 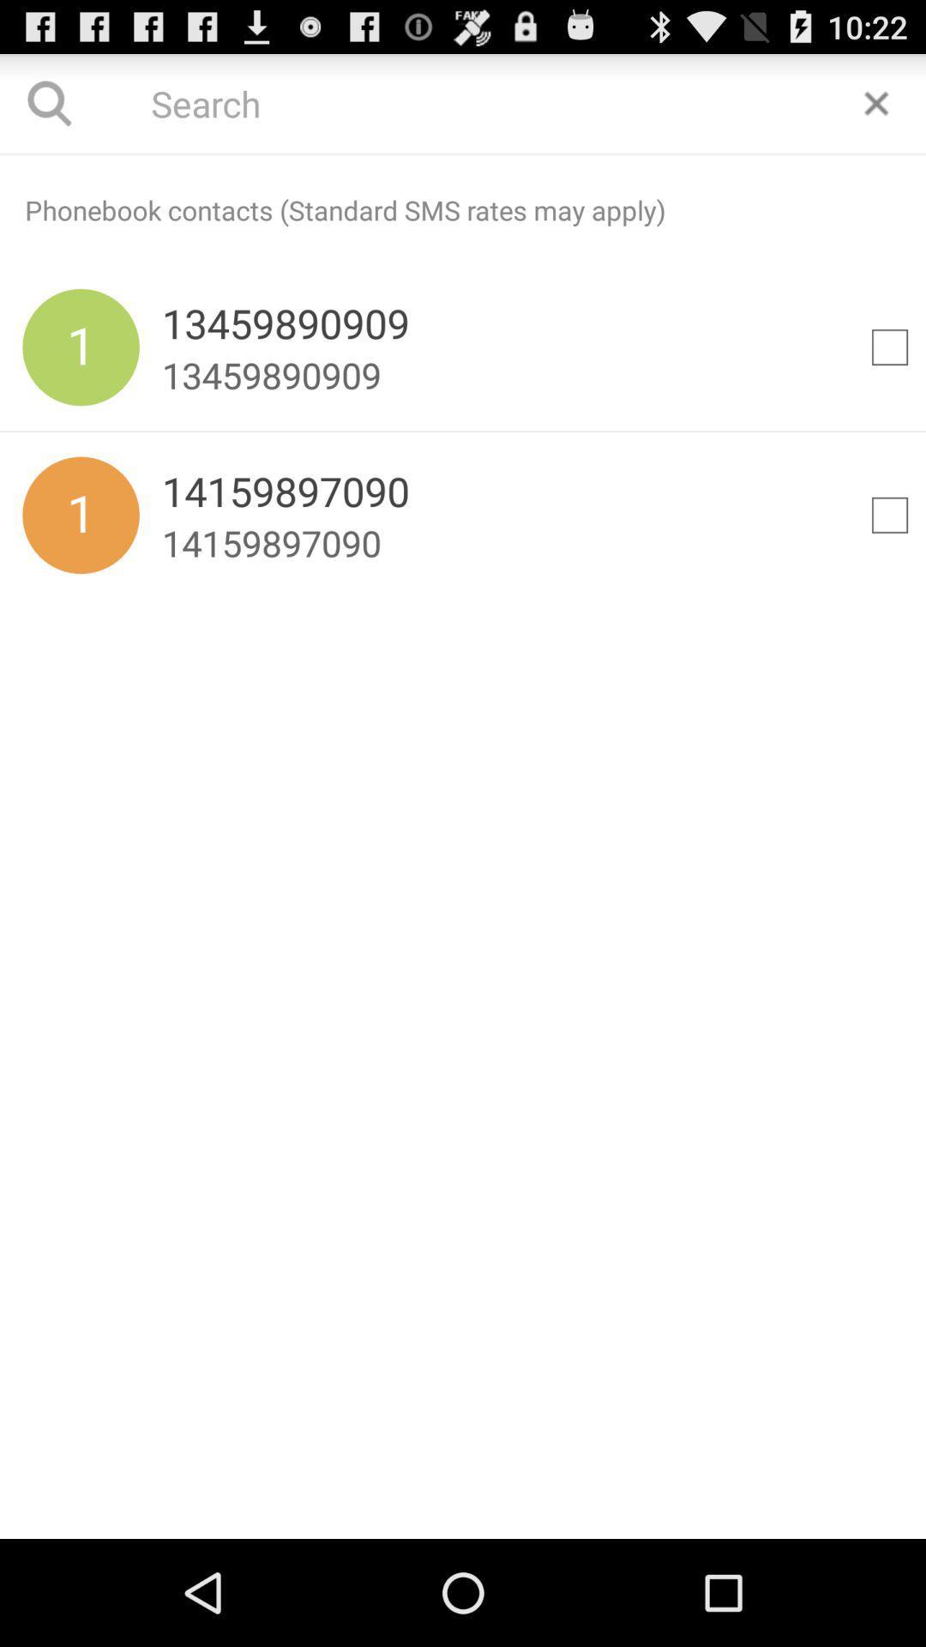 What do you see at coordinates (888, 346) in the screenshot?
I see `check box to select phone contact` at bounding box center [888, 346].